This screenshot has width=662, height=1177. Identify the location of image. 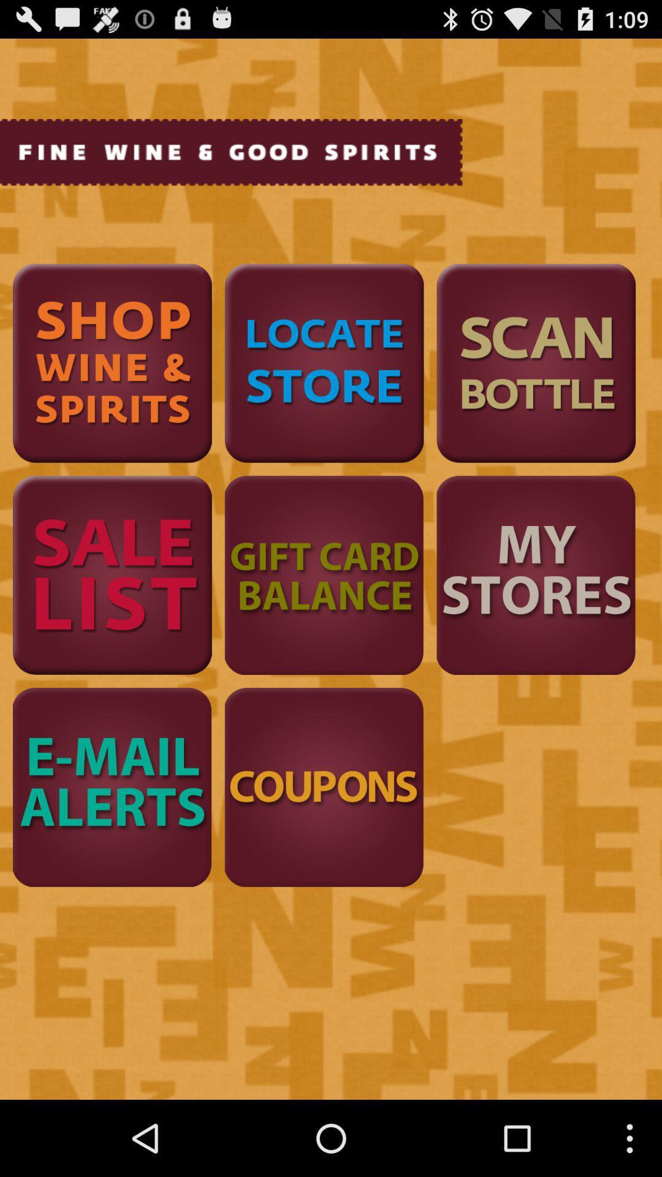
(112, 574).